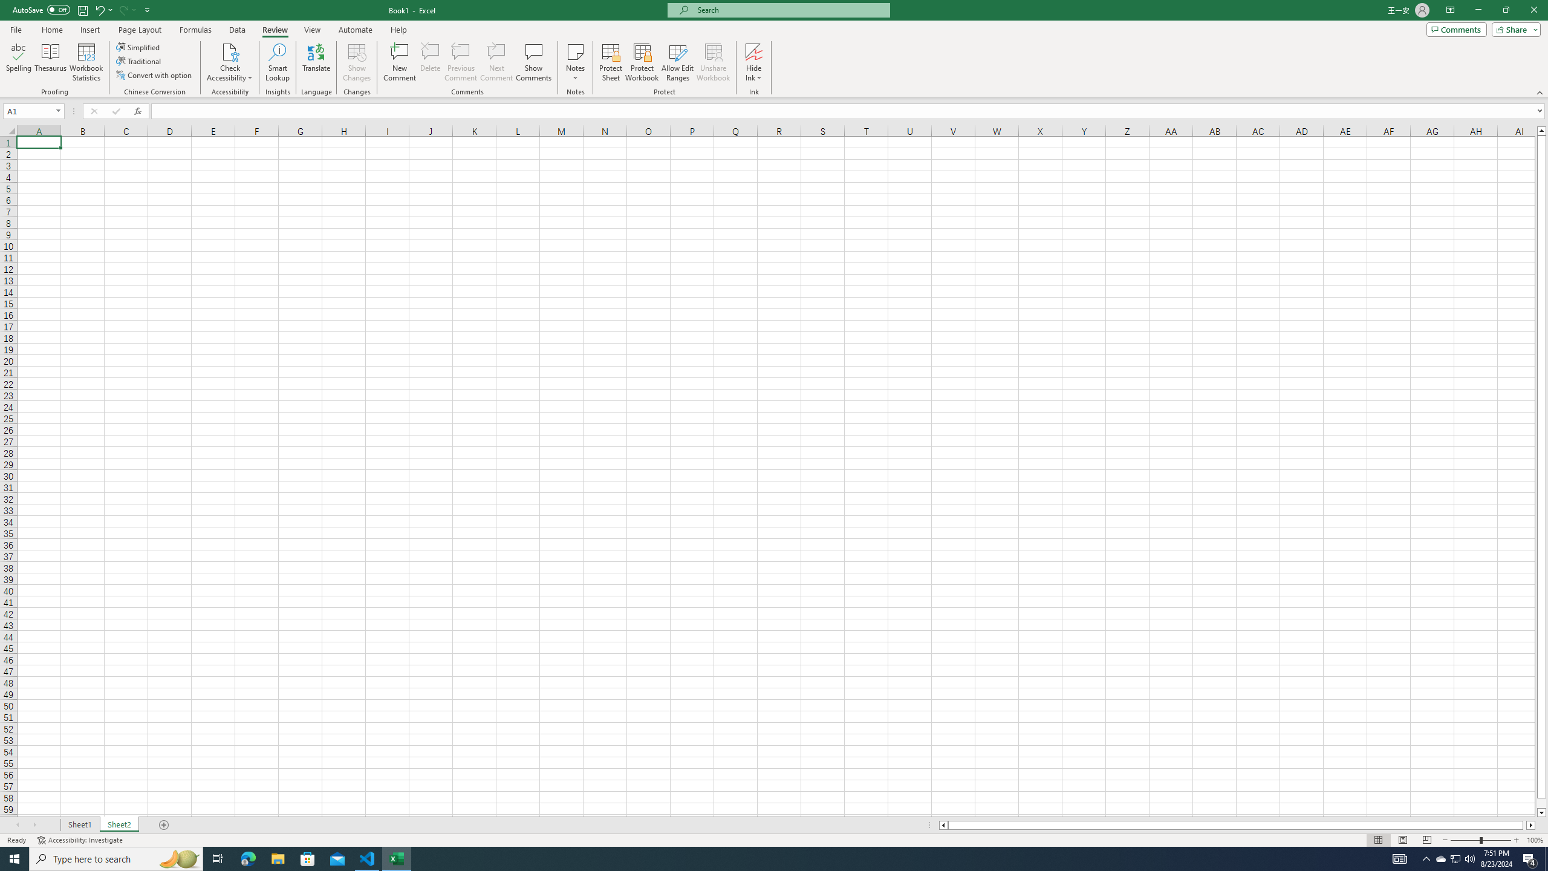  I want to click on 'Protect Workbook...', so click(642, 62).